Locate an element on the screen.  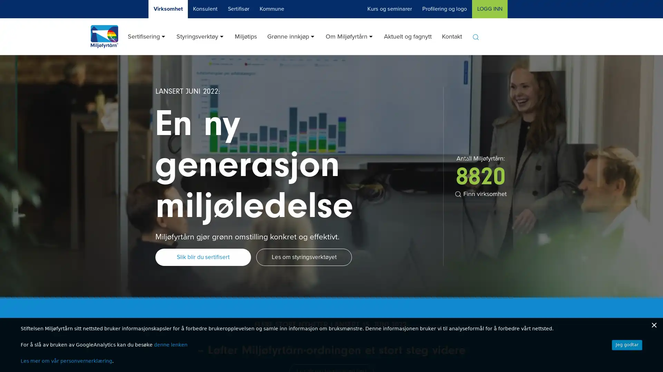
Jeg godtar is located at coordinates (627, 345).